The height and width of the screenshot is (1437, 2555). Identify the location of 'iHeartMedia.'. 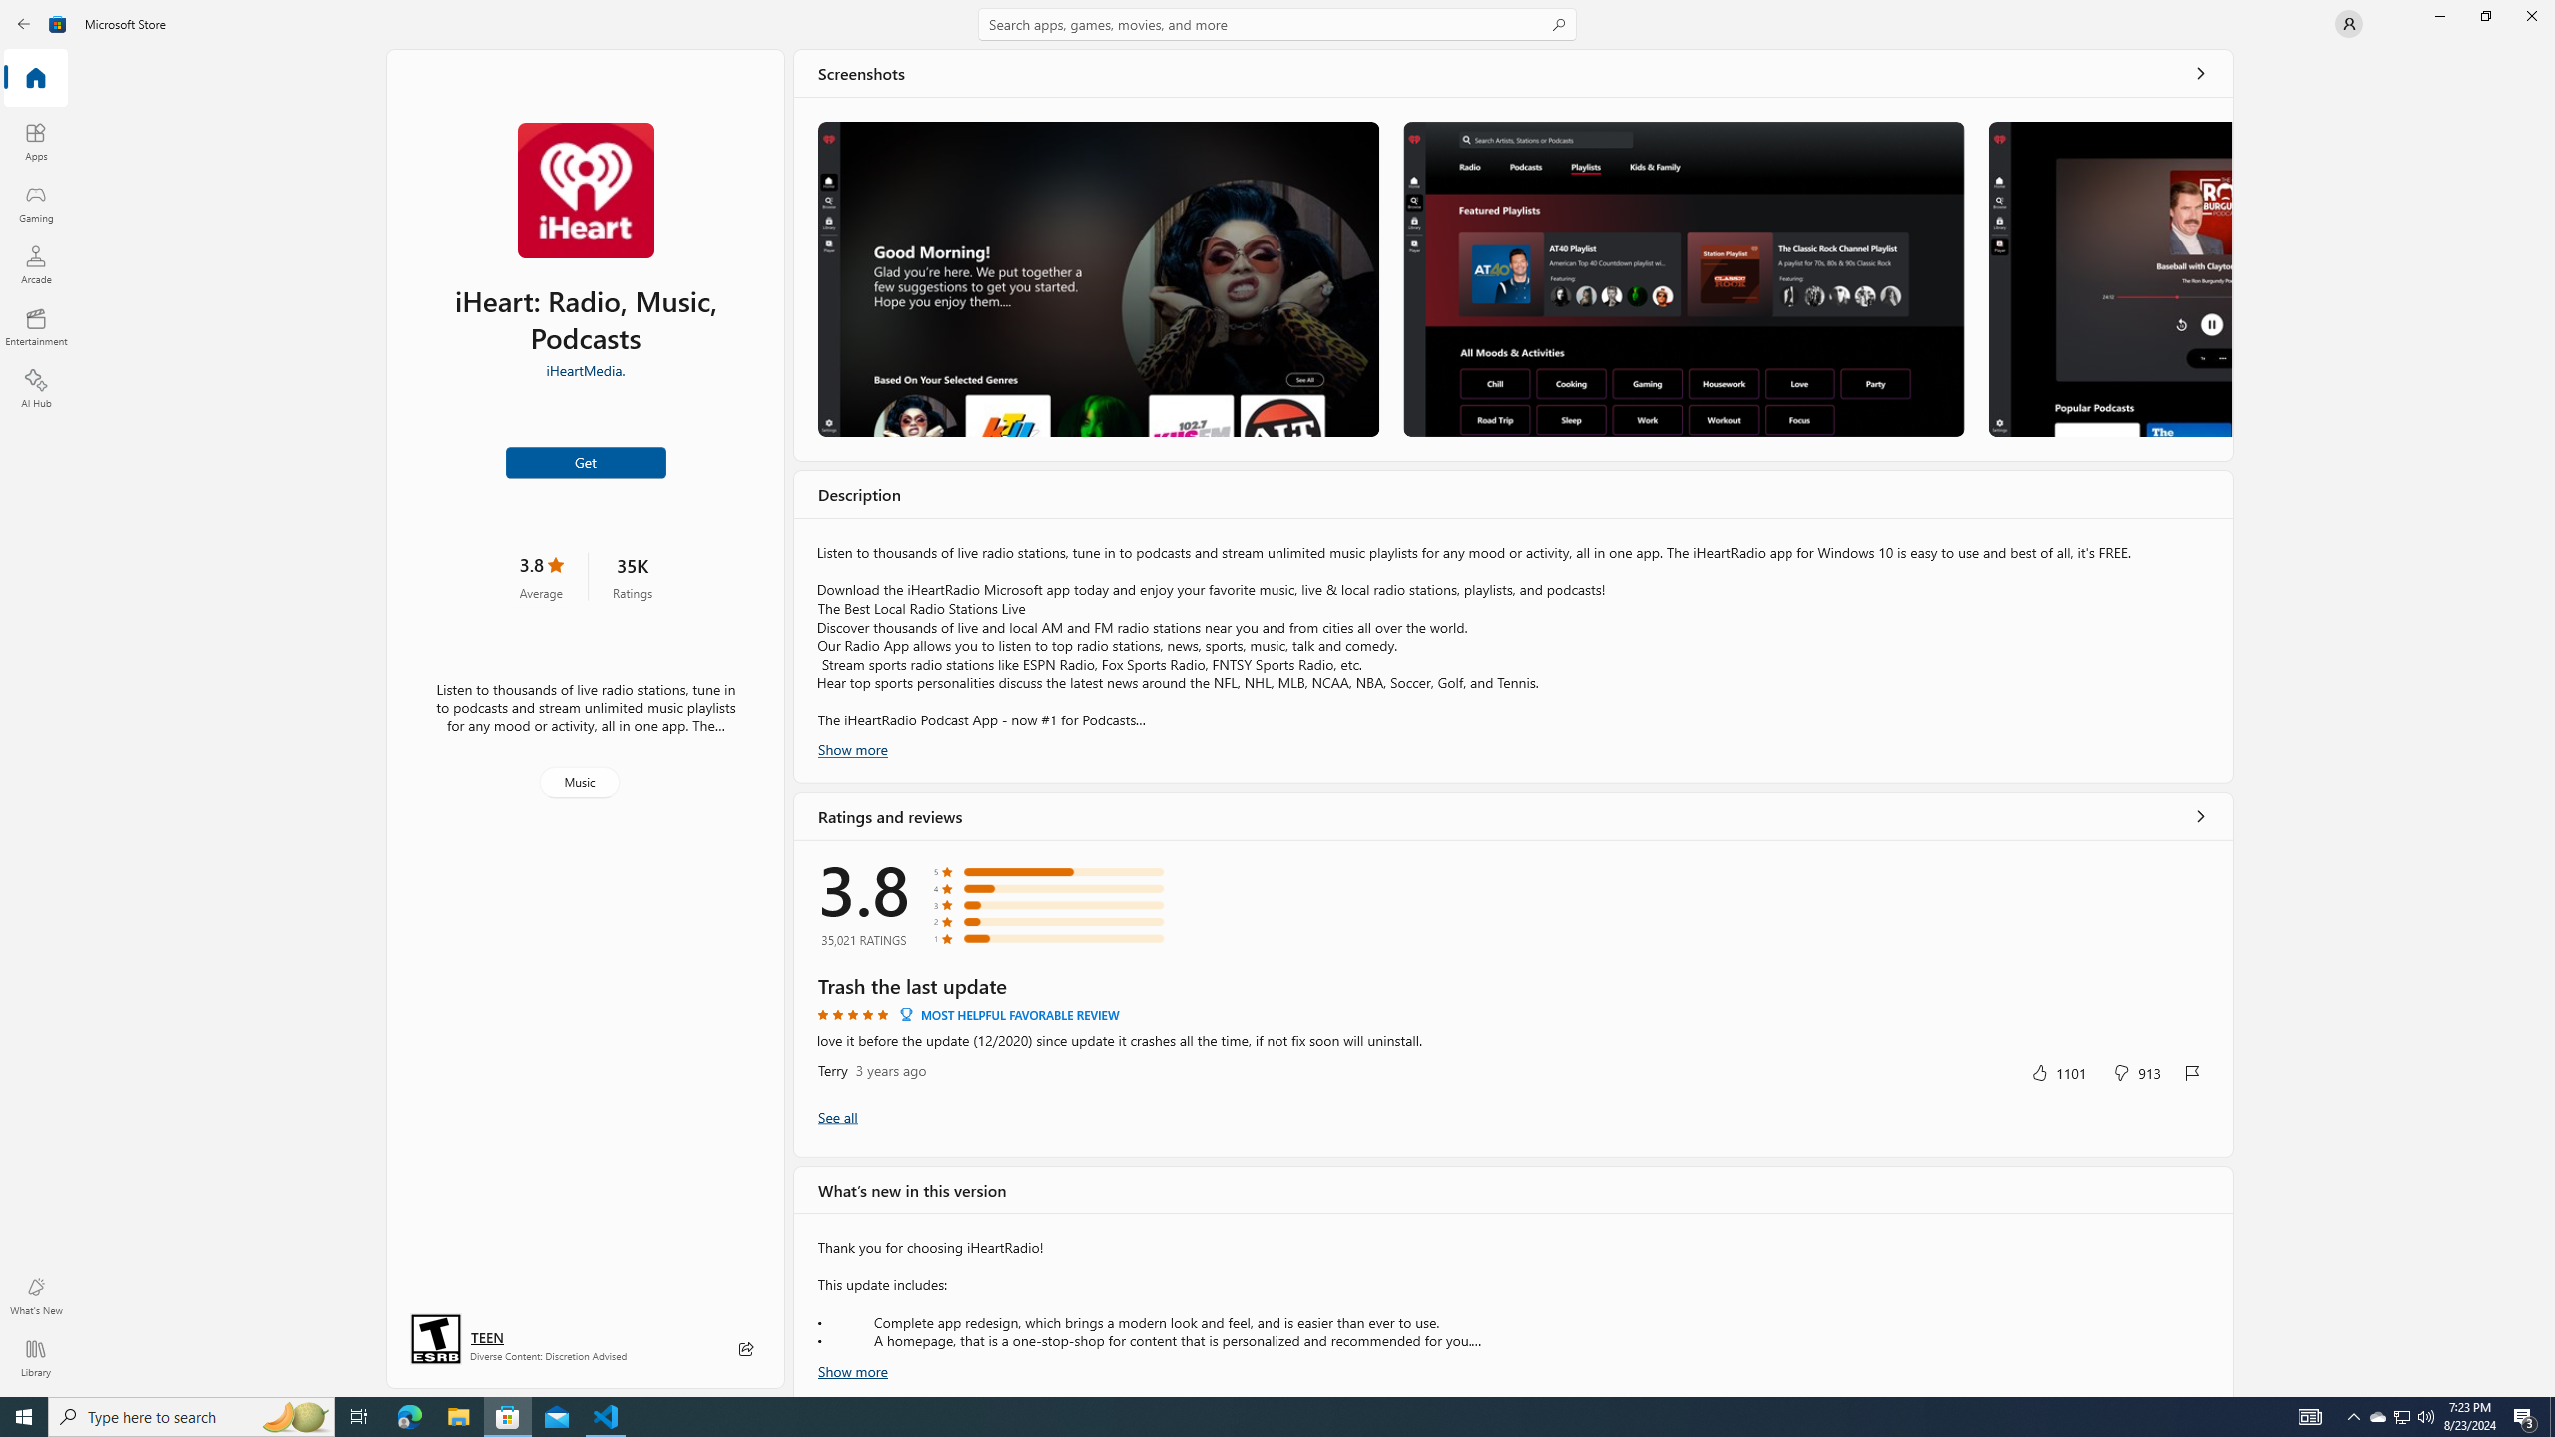
(586, 368).